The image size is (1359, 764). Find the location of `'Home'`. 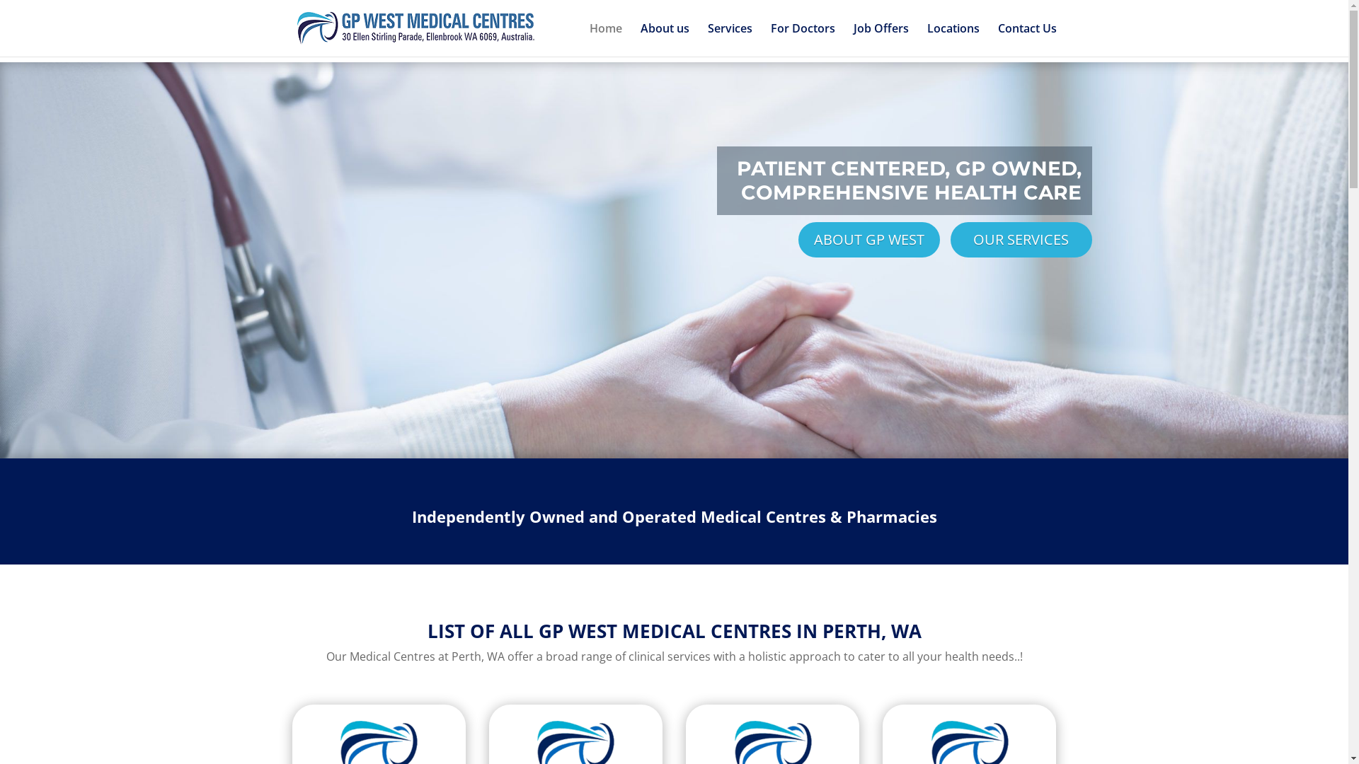

'Home' is located at coordinates (604, 39).